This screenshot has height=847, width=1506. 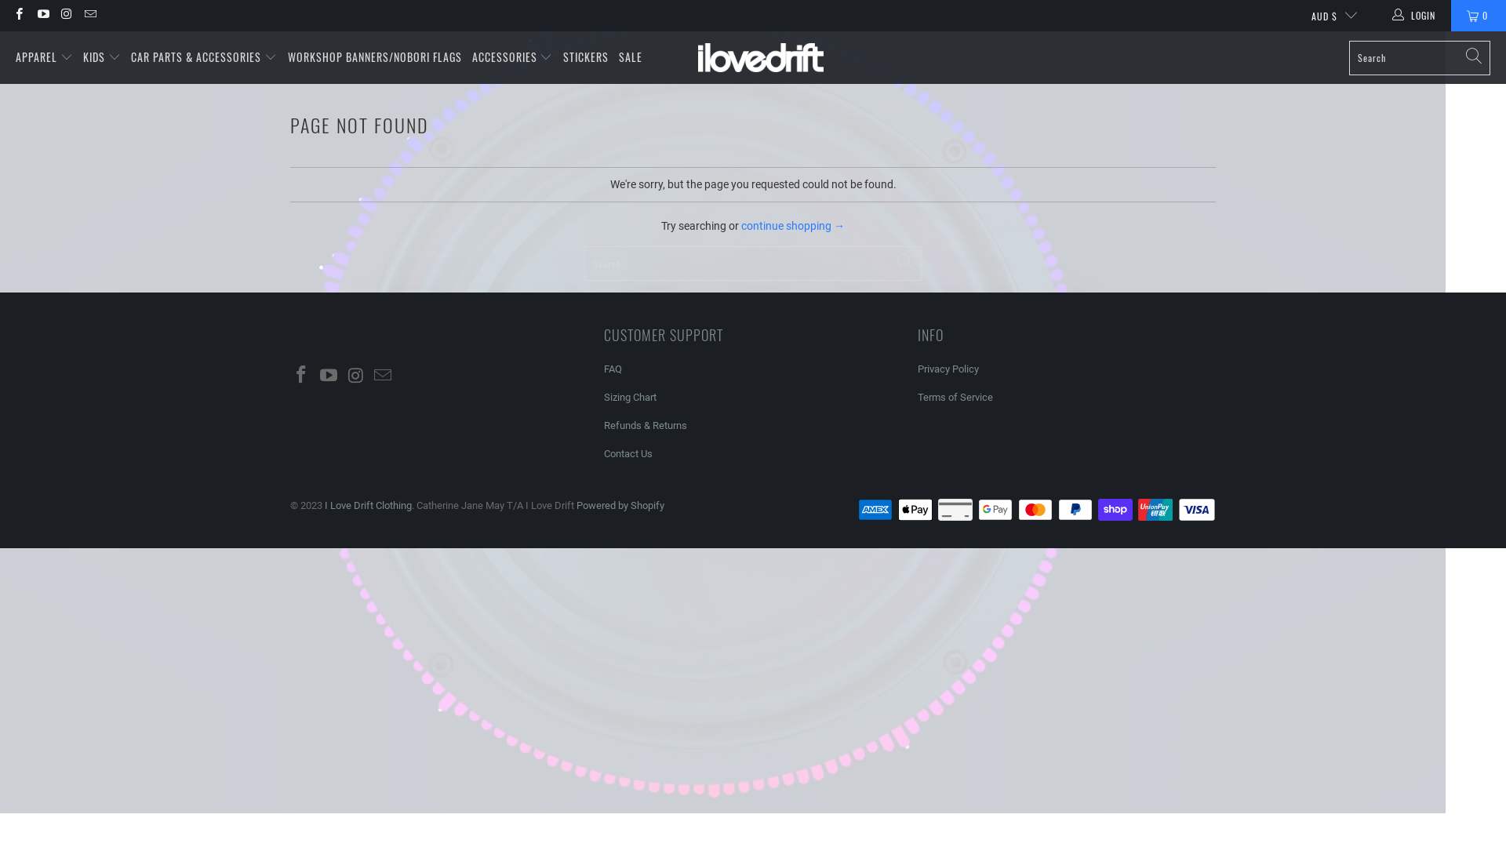 What do you see at coordinates (630, 396) in the screenshot?
I see `'Sizing Chart'` at bounding box center [630, 396].